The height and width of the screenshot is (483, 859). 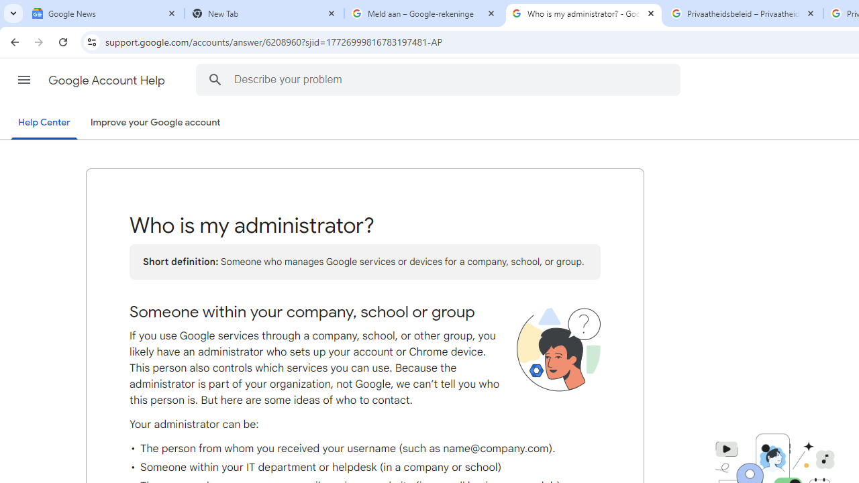 What do you see at coordinates (584, 13) in the screenshot?
I see `'Who is my administrator? - Google Account Help'` at bounding box center [584, 13].